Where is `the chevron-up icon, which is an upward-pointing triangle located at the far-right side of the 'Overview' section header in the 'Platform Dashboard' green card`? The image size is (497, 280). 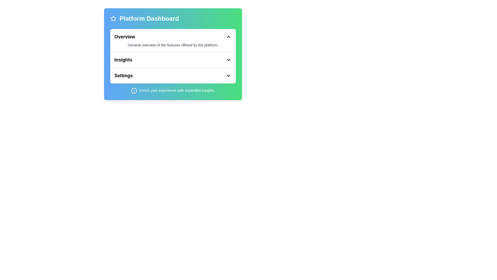
the chevron-up icon, which is an upward-pointing triangle located at the far-right side of the 'Overview' section header in the 'Platform Dashboard' green card is located at coordinates (228, 37).